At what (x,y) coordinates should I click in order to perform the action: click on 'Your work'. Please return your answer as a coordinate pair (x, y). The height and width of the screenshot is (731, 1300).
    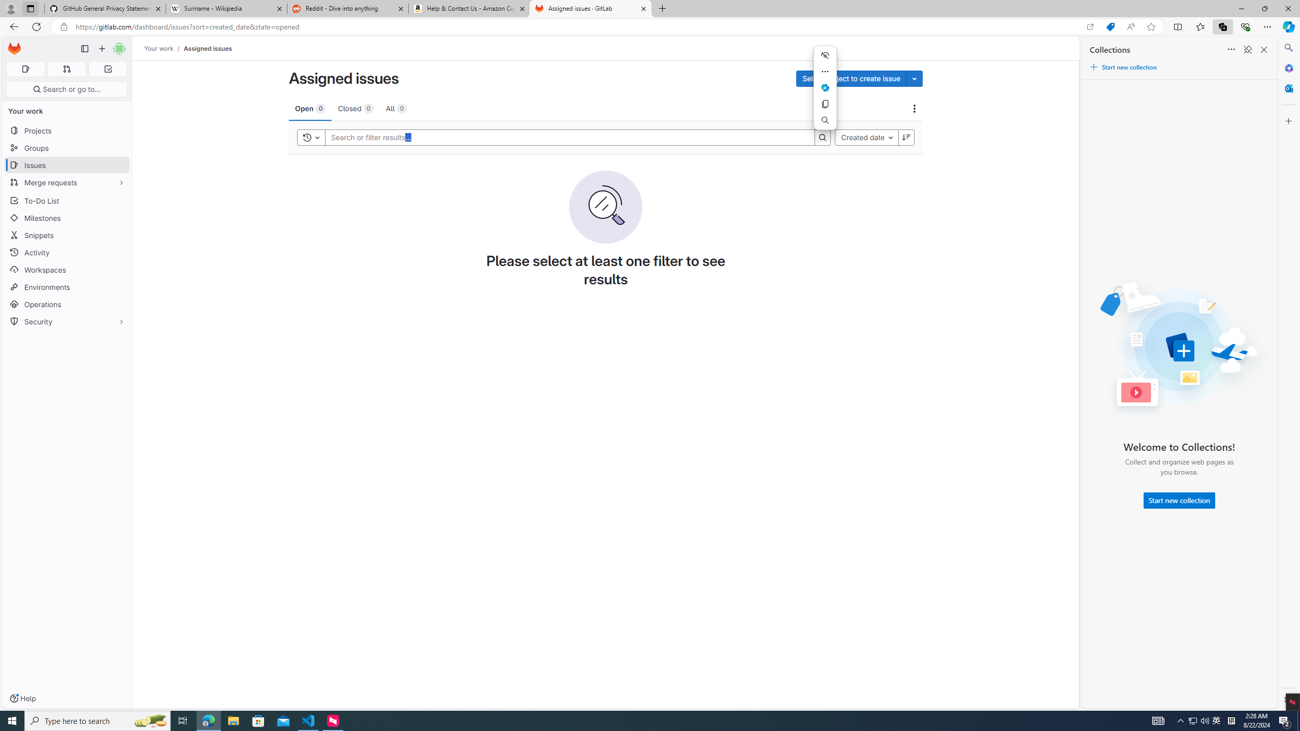
    Looking at the image, I should click on (159, 48).